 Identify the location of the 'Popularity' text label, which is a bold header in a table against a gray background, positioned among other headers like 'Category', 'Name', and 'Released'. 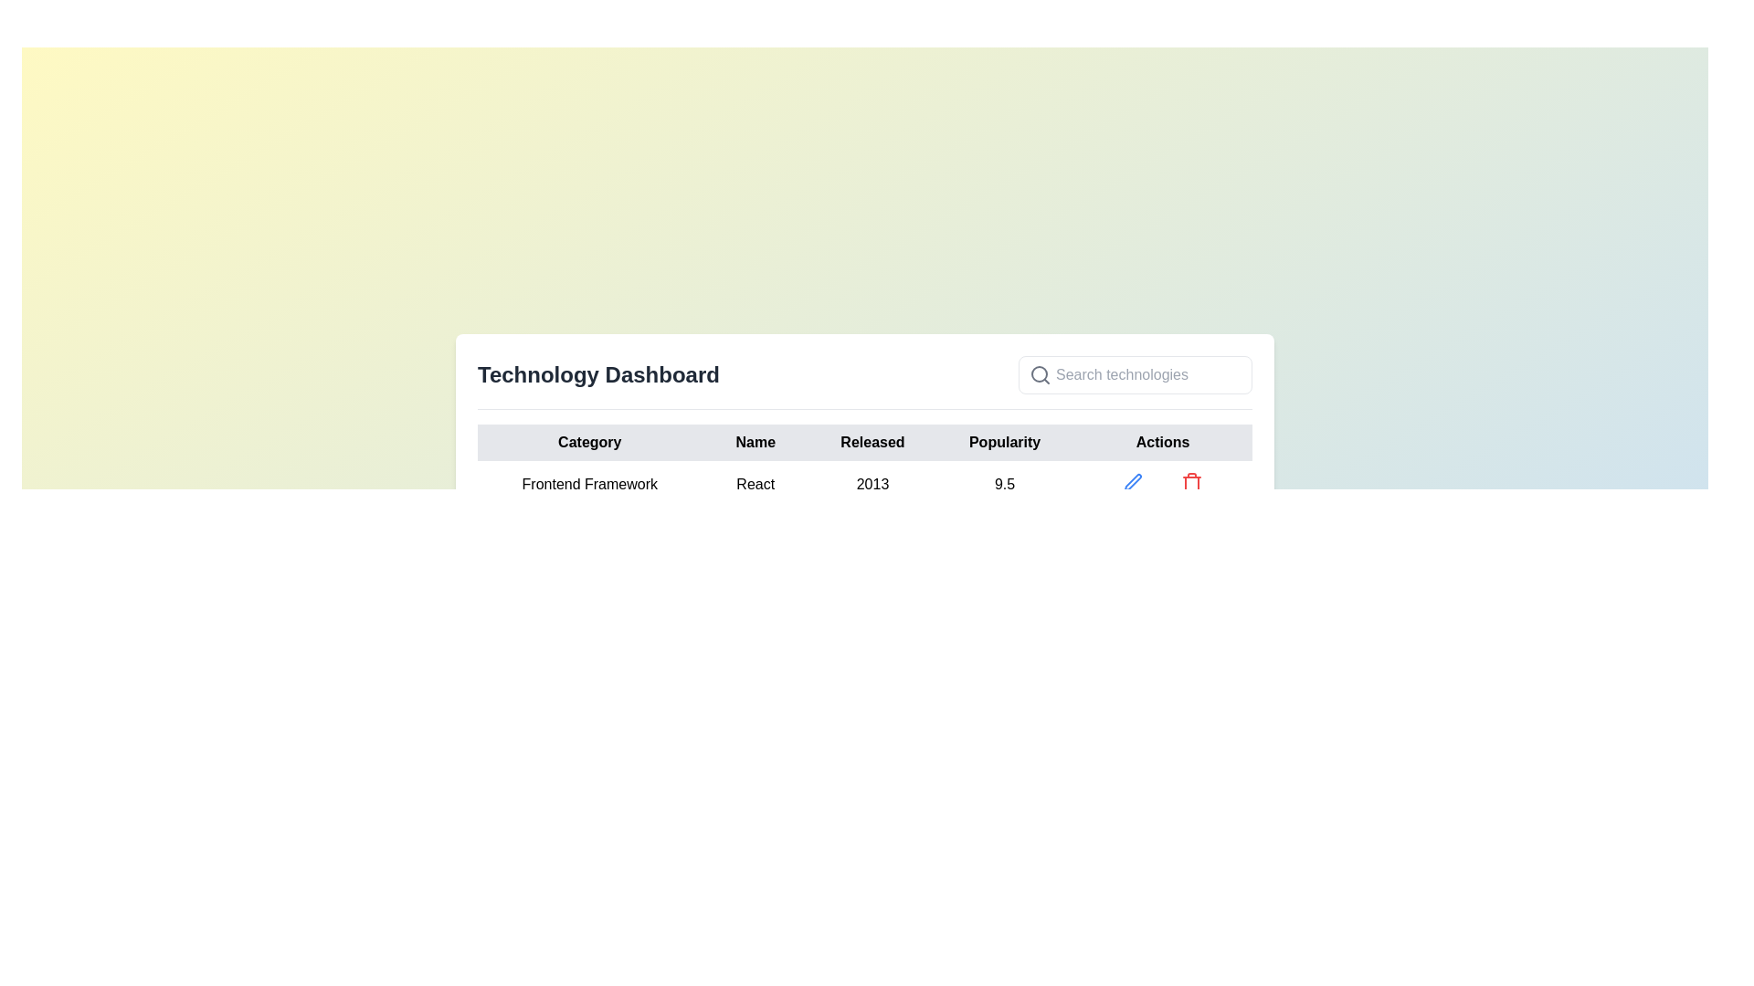
(1003, 443).